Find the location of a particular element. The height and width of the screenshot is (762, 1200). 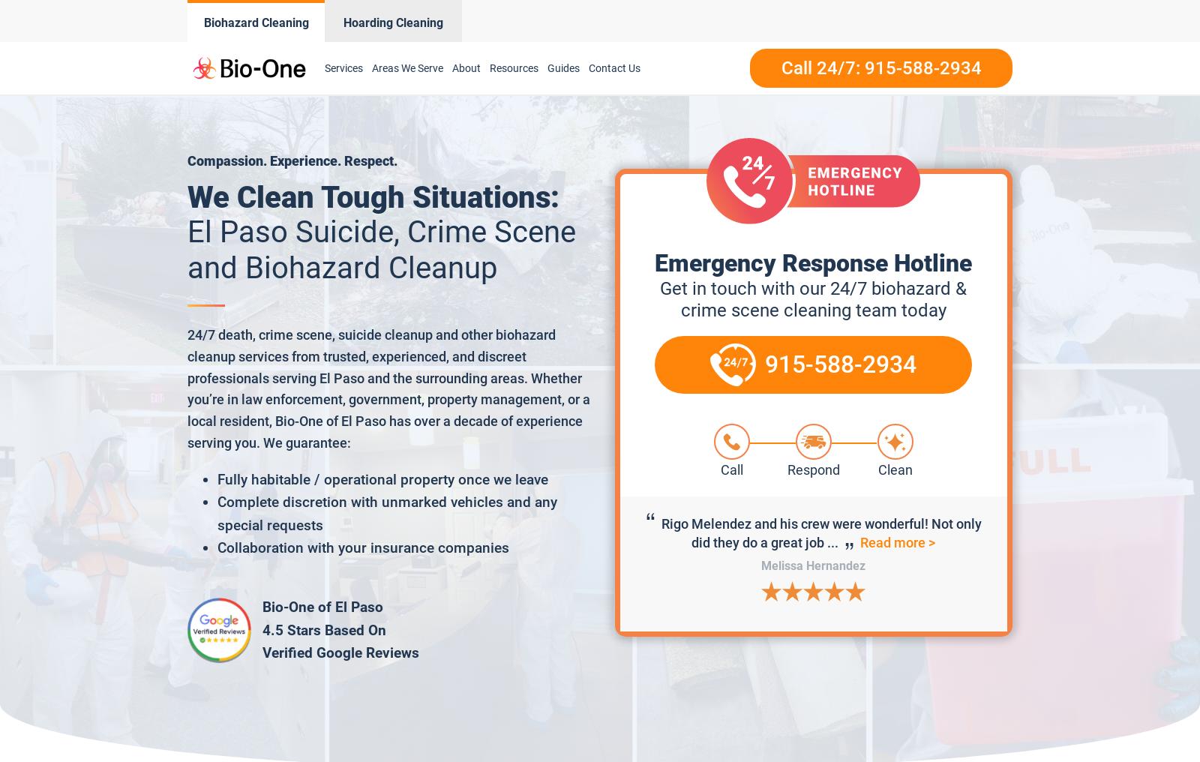

'Otero County' is located at coordinates (409, 178).